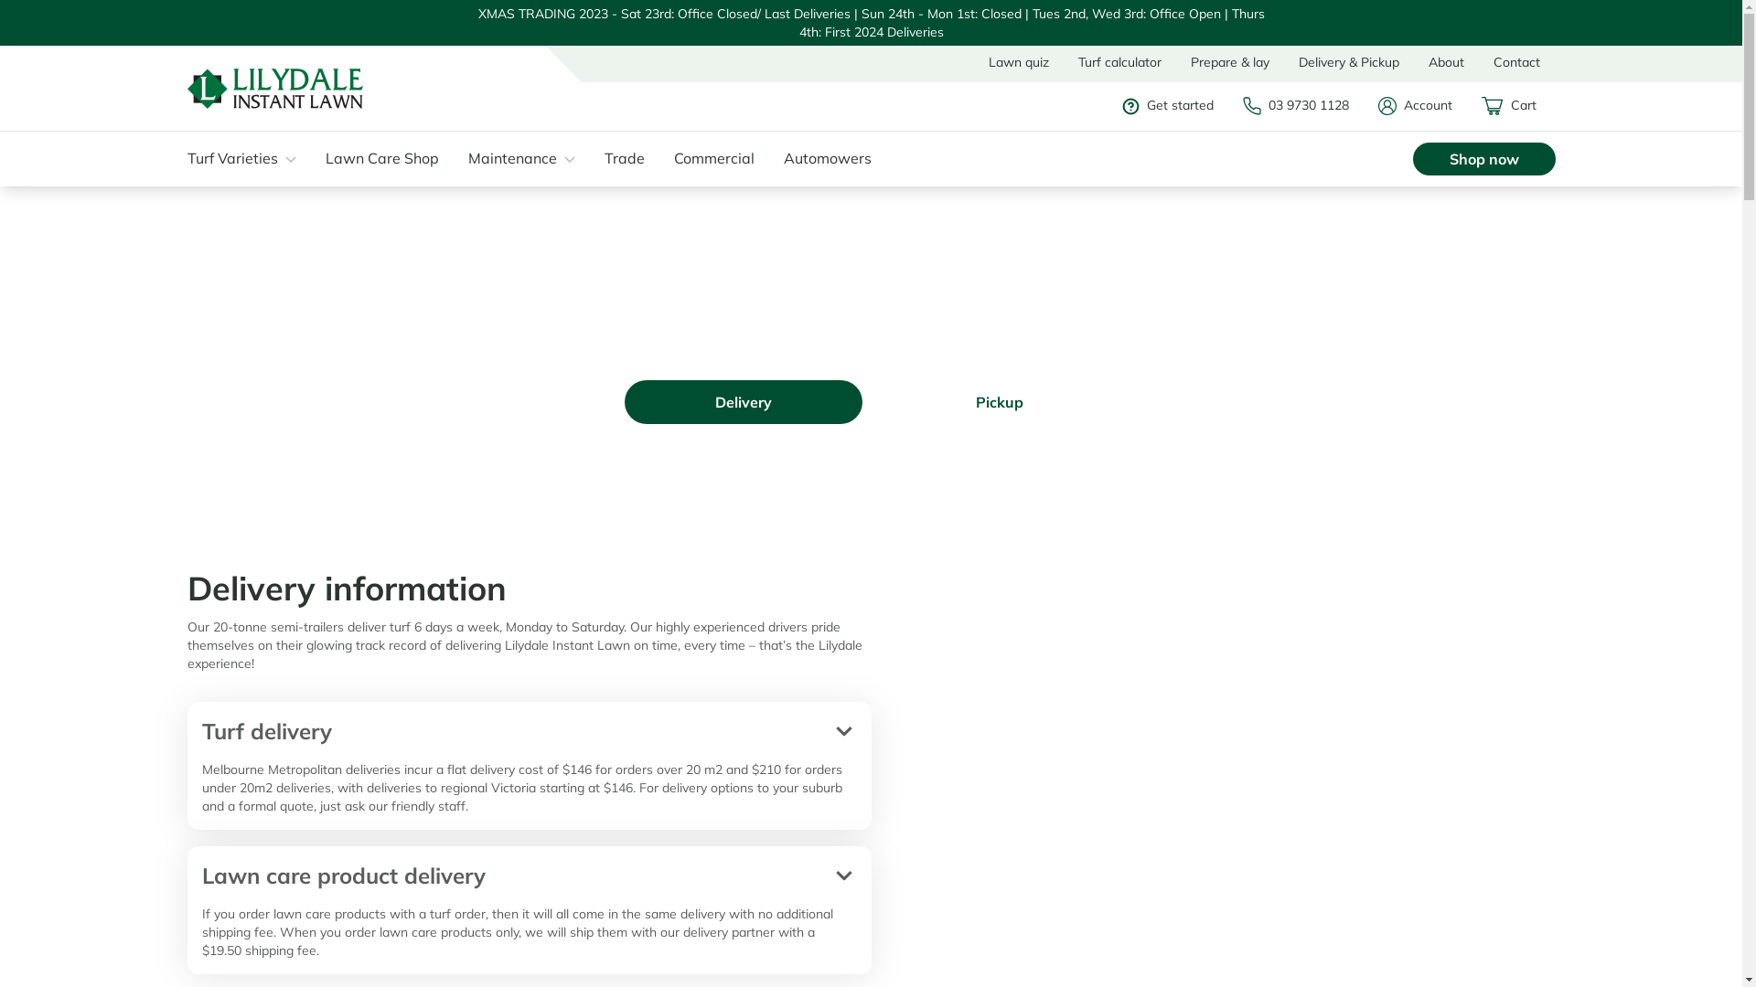 The height and width of the screenshot is (987, 1756). Describe the element at coordinates (1423, 105) in the screenshot. I see `'Account'` at that location.